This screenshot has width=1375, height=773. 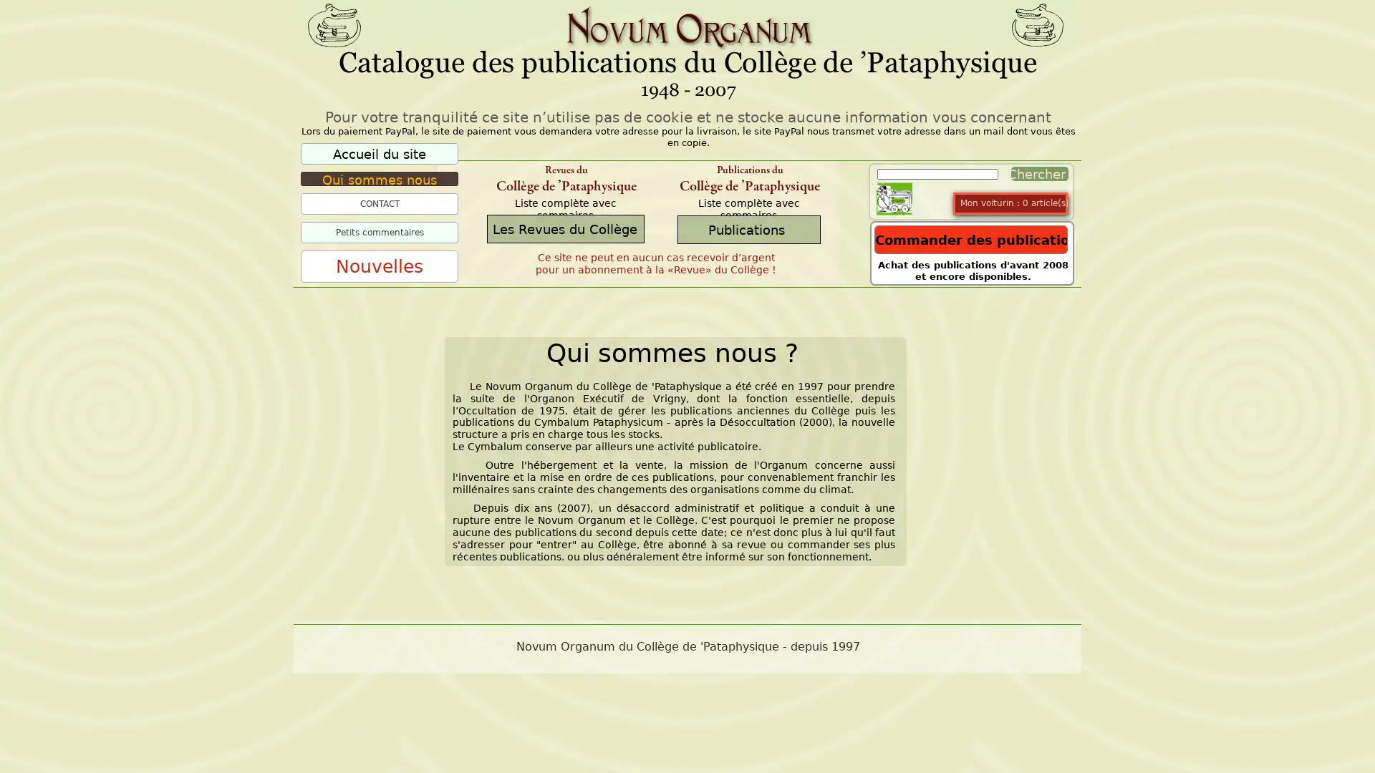 What do you see at coordinates (971, 239) in the screenshot?
I see `Commander des publications` at bounding box center [971, 239].